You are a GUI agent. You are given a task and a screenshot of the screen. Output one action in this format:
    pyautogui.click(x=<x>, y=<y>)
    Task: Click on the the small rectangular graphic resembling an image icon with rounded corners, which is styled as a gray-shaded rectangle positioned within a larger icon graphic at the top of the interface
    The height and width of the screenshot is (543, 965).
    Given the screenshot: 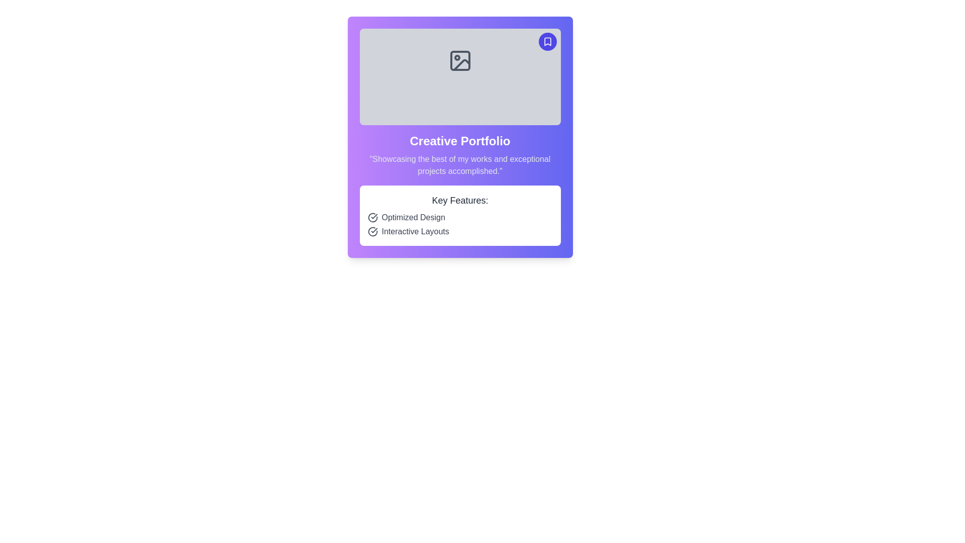 What is the action you would take?
    pyautogui.click(x=459, y=60)
    